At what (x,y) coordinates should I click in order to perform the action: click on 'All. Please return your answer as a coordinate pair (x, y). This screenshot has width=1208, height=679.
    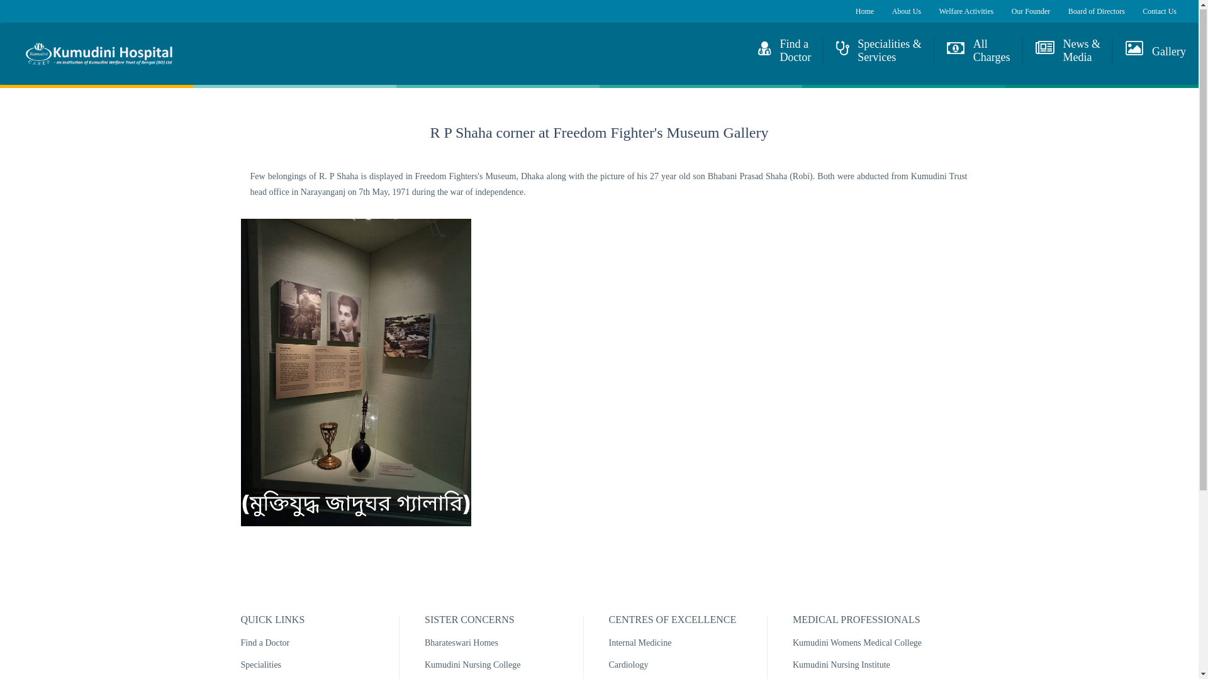
    Looking at the image, I should click on (978, 52).